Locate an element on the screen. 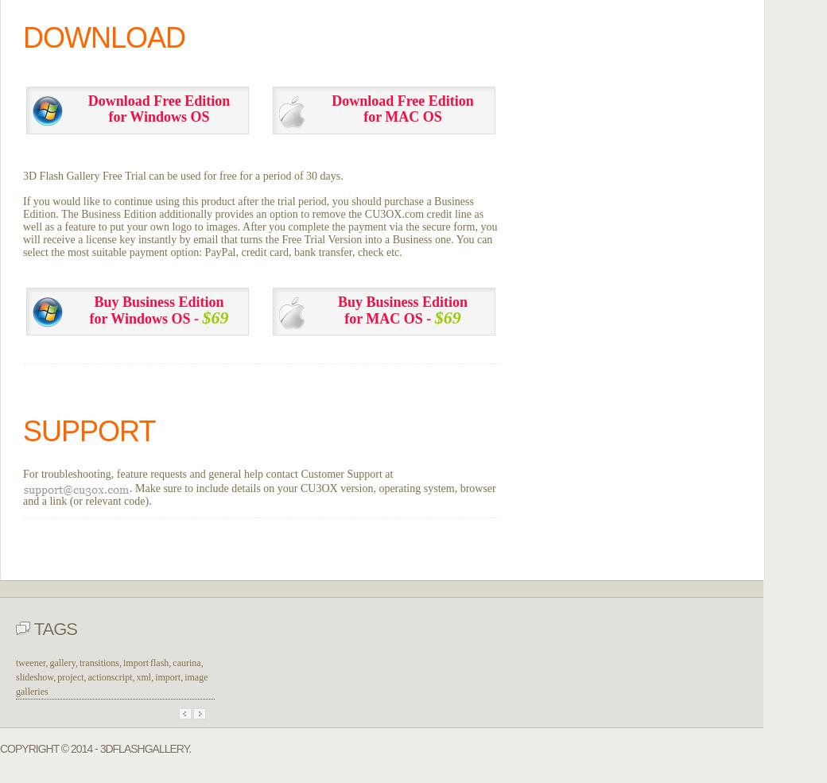 This screenshot has width=827, height=783. 'Tags' is located at coordinates (52, 627).